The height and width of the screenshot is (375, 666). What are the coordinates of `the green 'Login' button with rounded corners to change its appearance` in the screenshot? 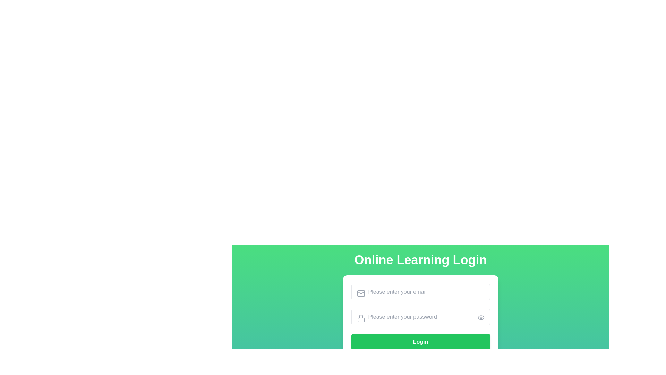 It's located at (420, 341).